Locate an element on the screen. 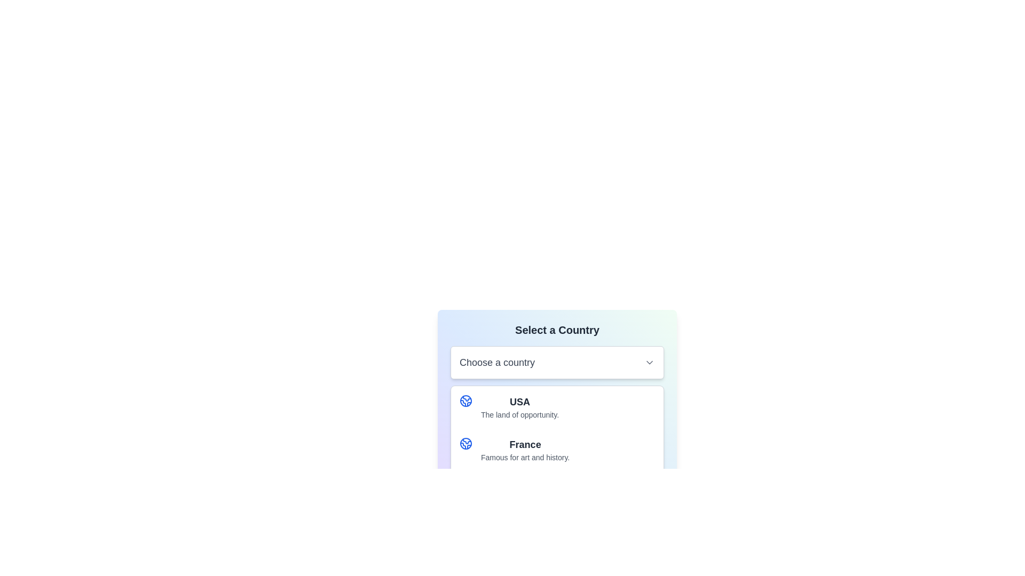  the first entry in the interactive list representing the United States is located at coordinates (556, 407).